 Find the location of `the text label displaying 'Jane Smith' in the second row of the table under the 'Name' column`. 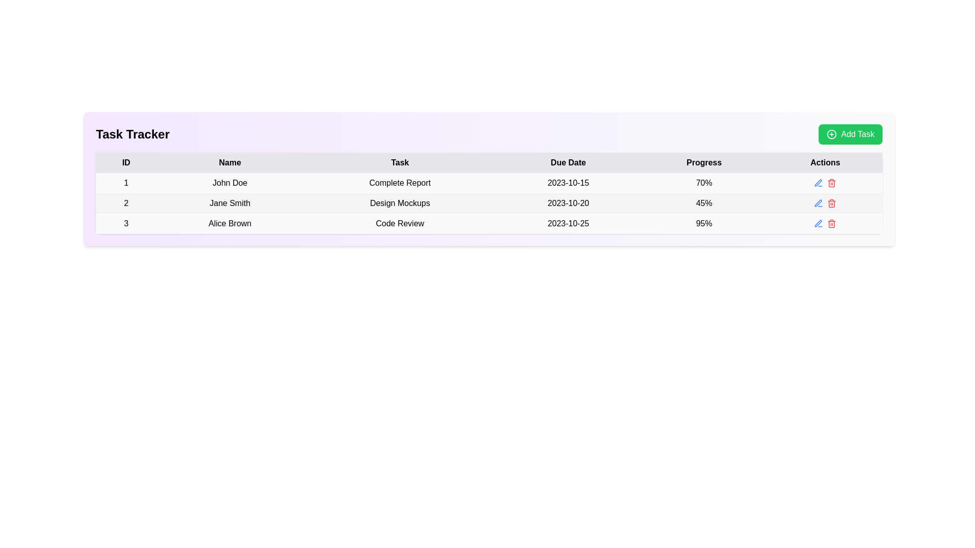

the text label displaying 'Jane Smith' in the second row of the table under the 'Name' column is located at coordinates (229, 203).